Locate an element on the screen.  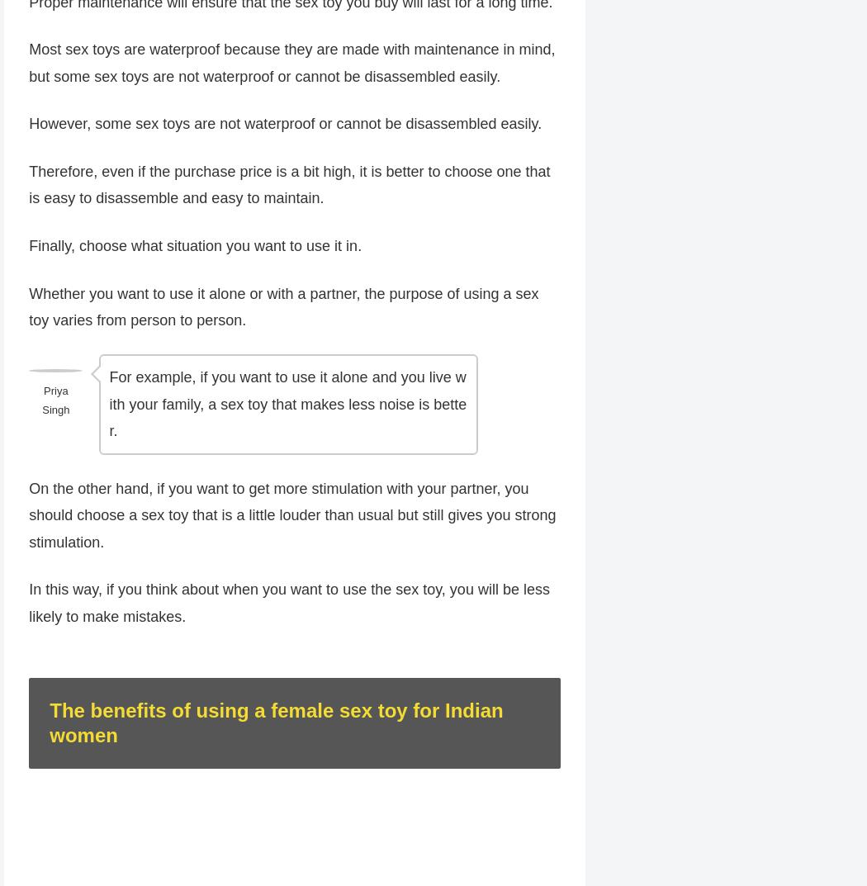
'Whether you want to use it alone or with a partner, the purpose of using a sex toy varies from person to person.' is located at coordinates (282, 307).